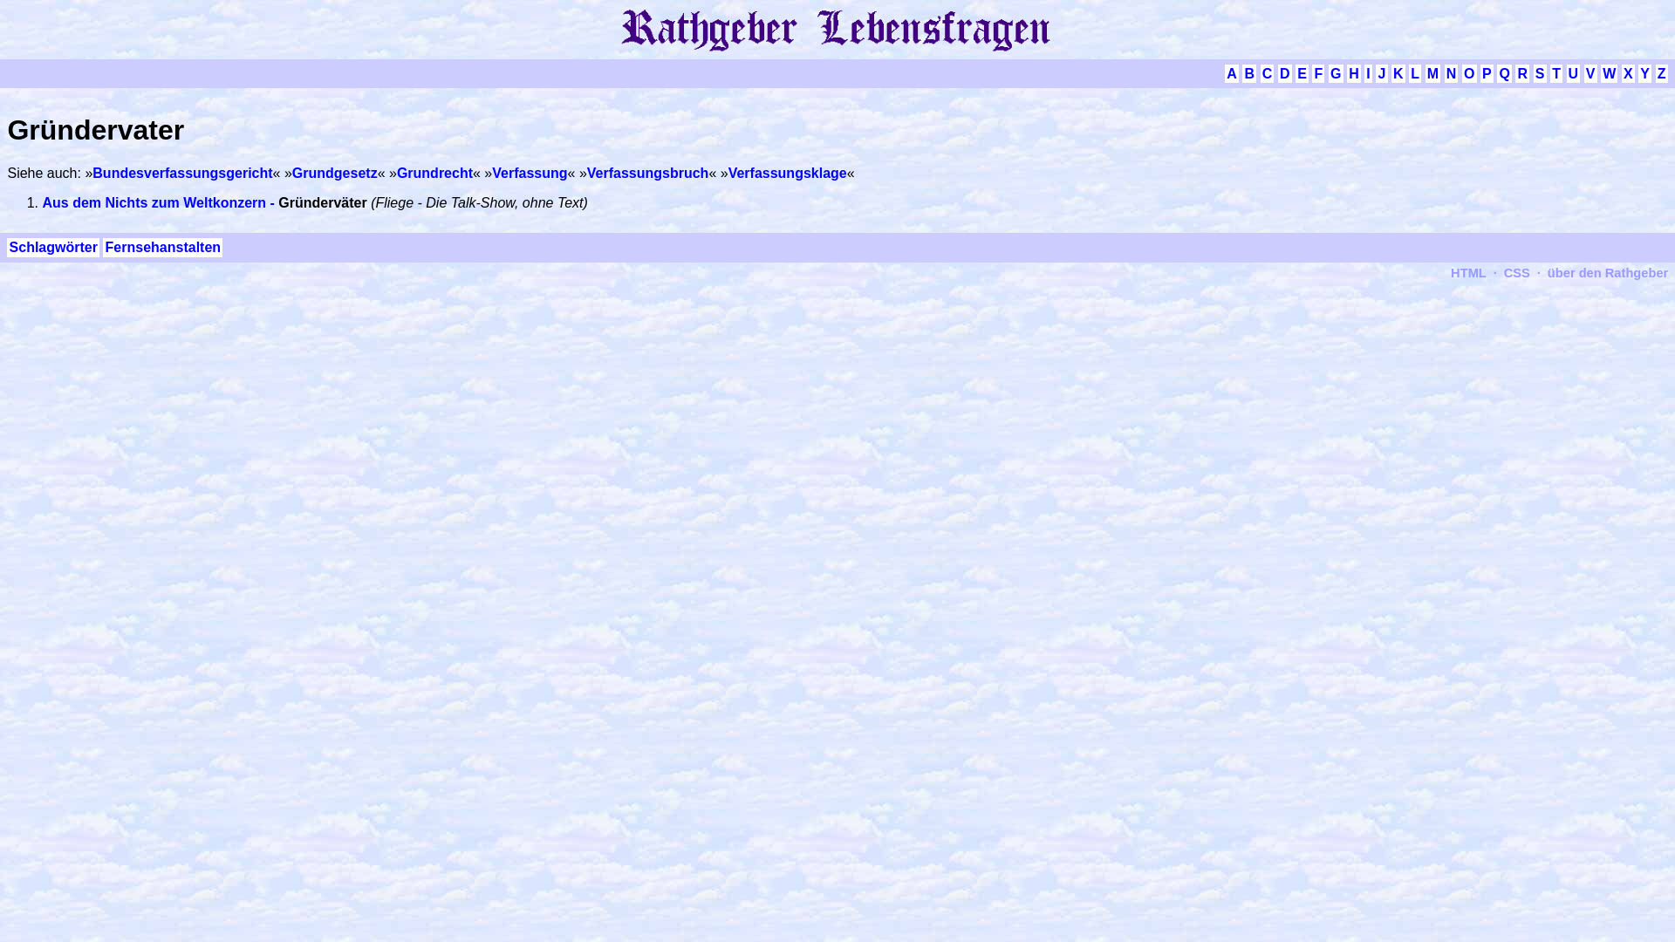 The width and height of the screenshot is (1675, 942). What do you see at coordinates (1260, 72) in the screenshot?
I see `'C'` at bounding box center [1260, 72].